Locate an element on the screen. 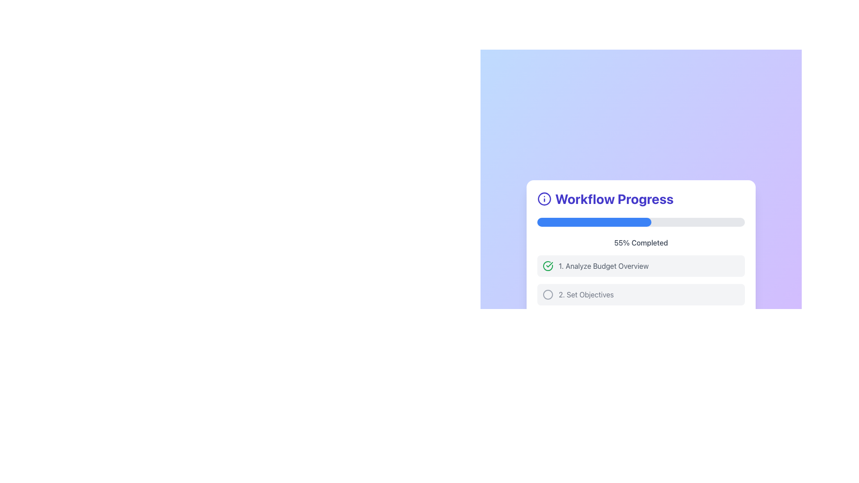 The width and height of the screenshot is (859, 483). the information icon represented by a circular SVG graphic located near the top-left corner of the interface is located at coordinates (544, 198).